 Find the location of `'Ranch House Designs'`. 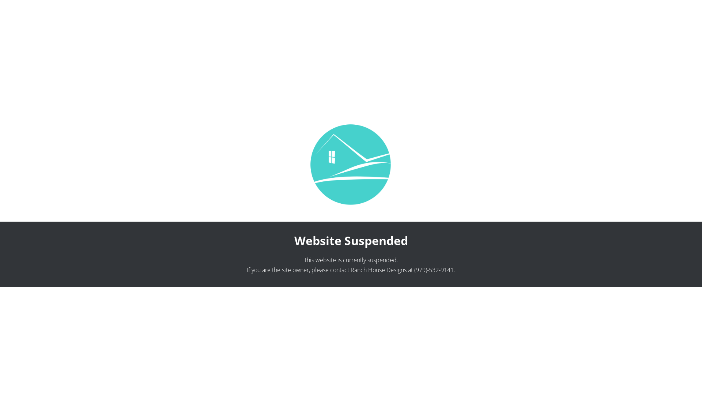

'Ranch House Designs' is located at coordinates (378, 270).